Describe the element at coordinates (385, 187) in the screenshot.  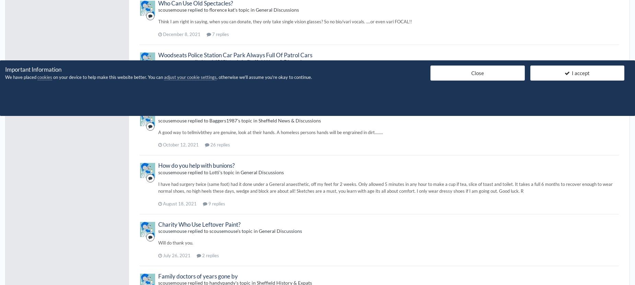
I see `'I have had surgery twice (same foot) had it done under a General anaesthetic, off my feet for 2 weeks. Only allowed 5 minutes in any hour to make a cup if tea, slice of toast and toilet.  It takes a full 6 months to recover enough to wear normal shoes, no high heels these days, wedge and block are about all!  Sketches are a must, you learn with age its all about comfort.  I only wear dressy shoes if I am going out. Good luck.
 


	 
 


	R'` at that location.